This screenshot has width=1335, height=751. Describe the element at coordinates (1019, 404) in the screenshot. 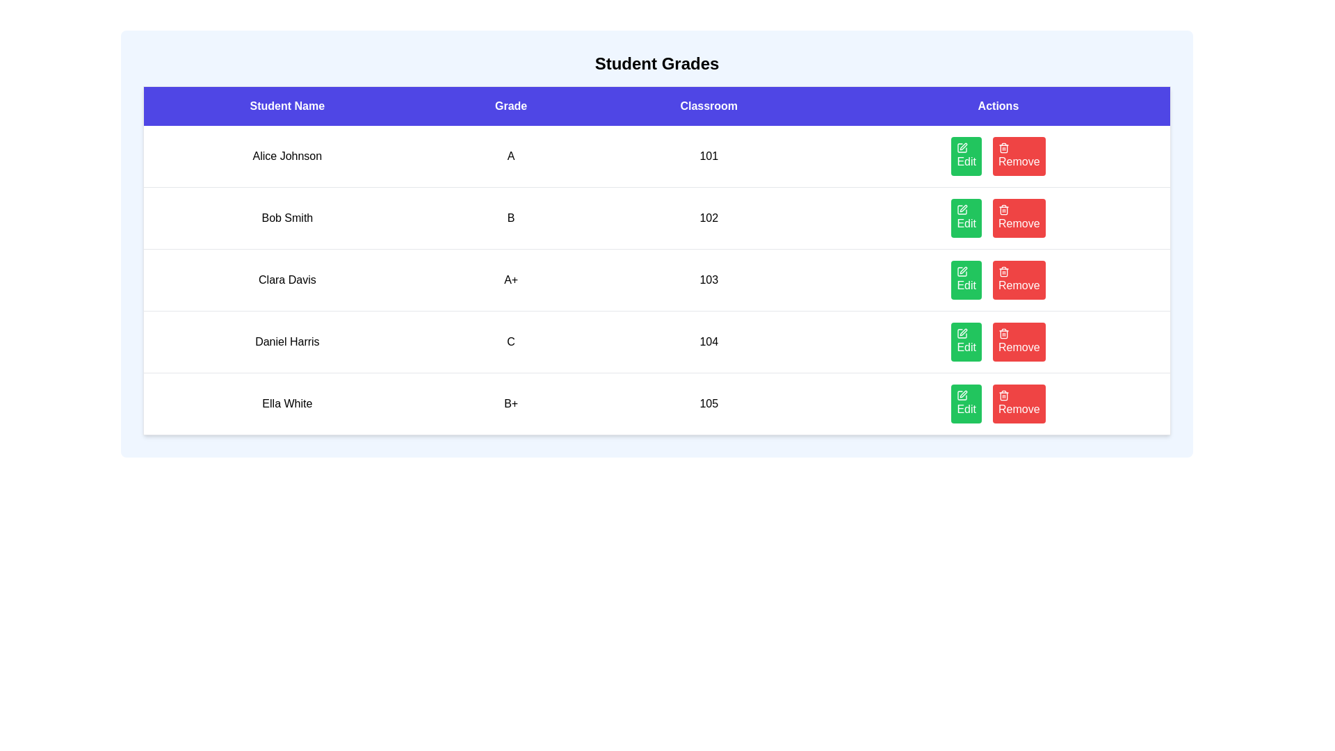

I see `'Remove' button for the student with name Ella White` at that location.